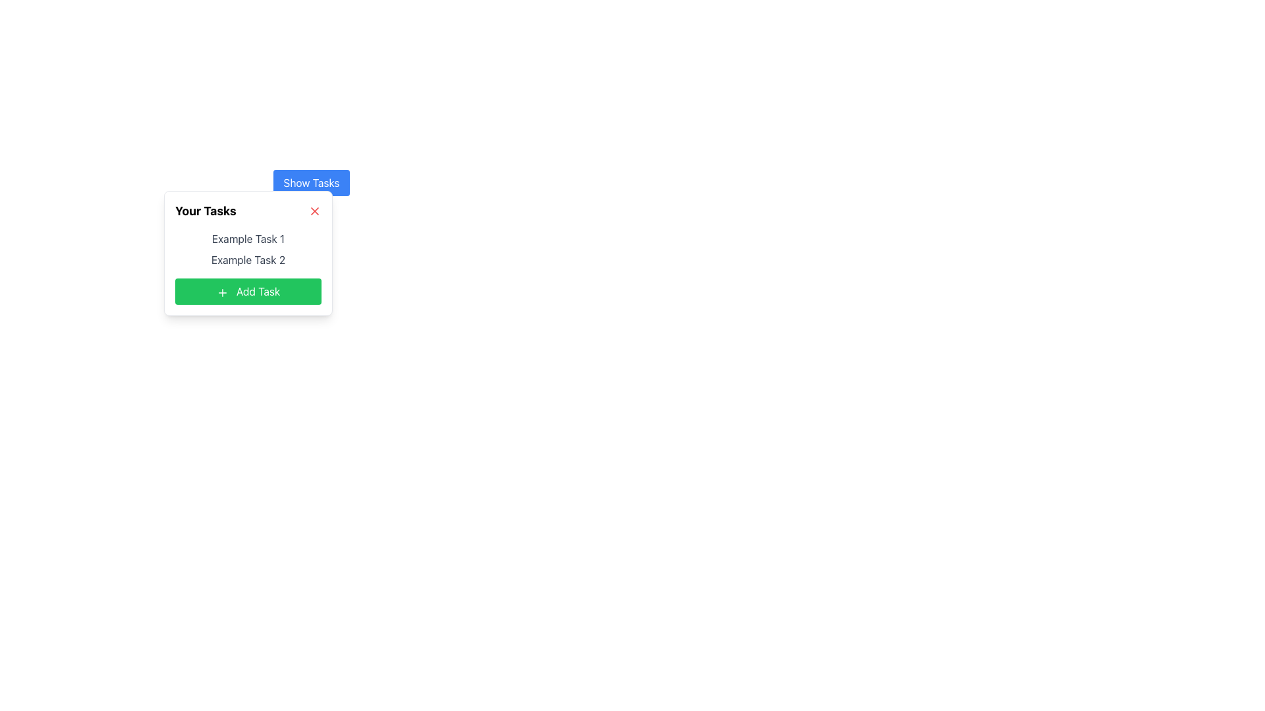  What do you see at coordinates (248, 291) in the screenshot?
I see `the 'Add Task' button located at the bottom of the task list by navigating via keyboard` at bounding box center [248, 291].